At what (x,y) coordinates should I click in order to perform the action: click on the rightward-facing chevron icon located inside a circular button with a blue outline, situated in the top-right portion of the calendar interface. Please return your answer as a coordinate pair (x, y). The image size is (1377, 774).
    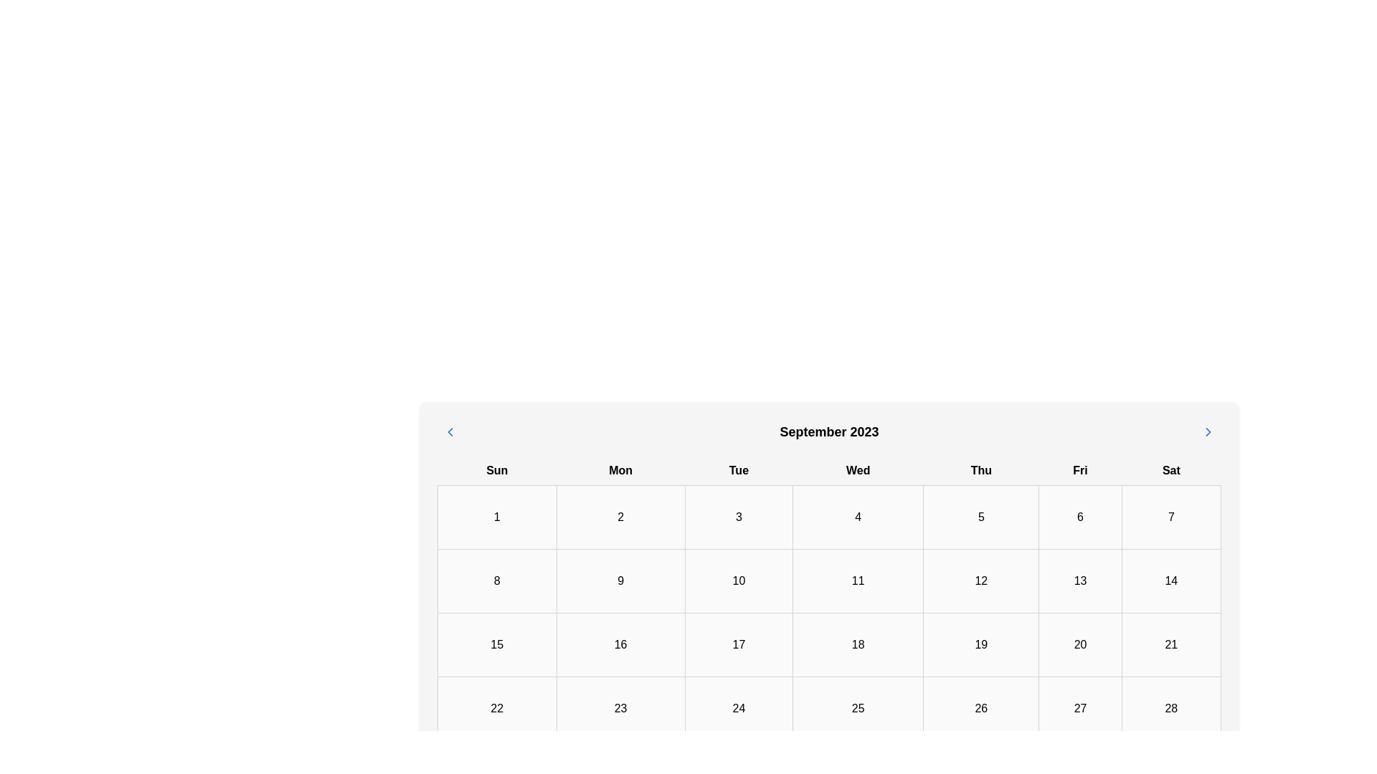
    Looking at the image, I should click on (1207, 431).